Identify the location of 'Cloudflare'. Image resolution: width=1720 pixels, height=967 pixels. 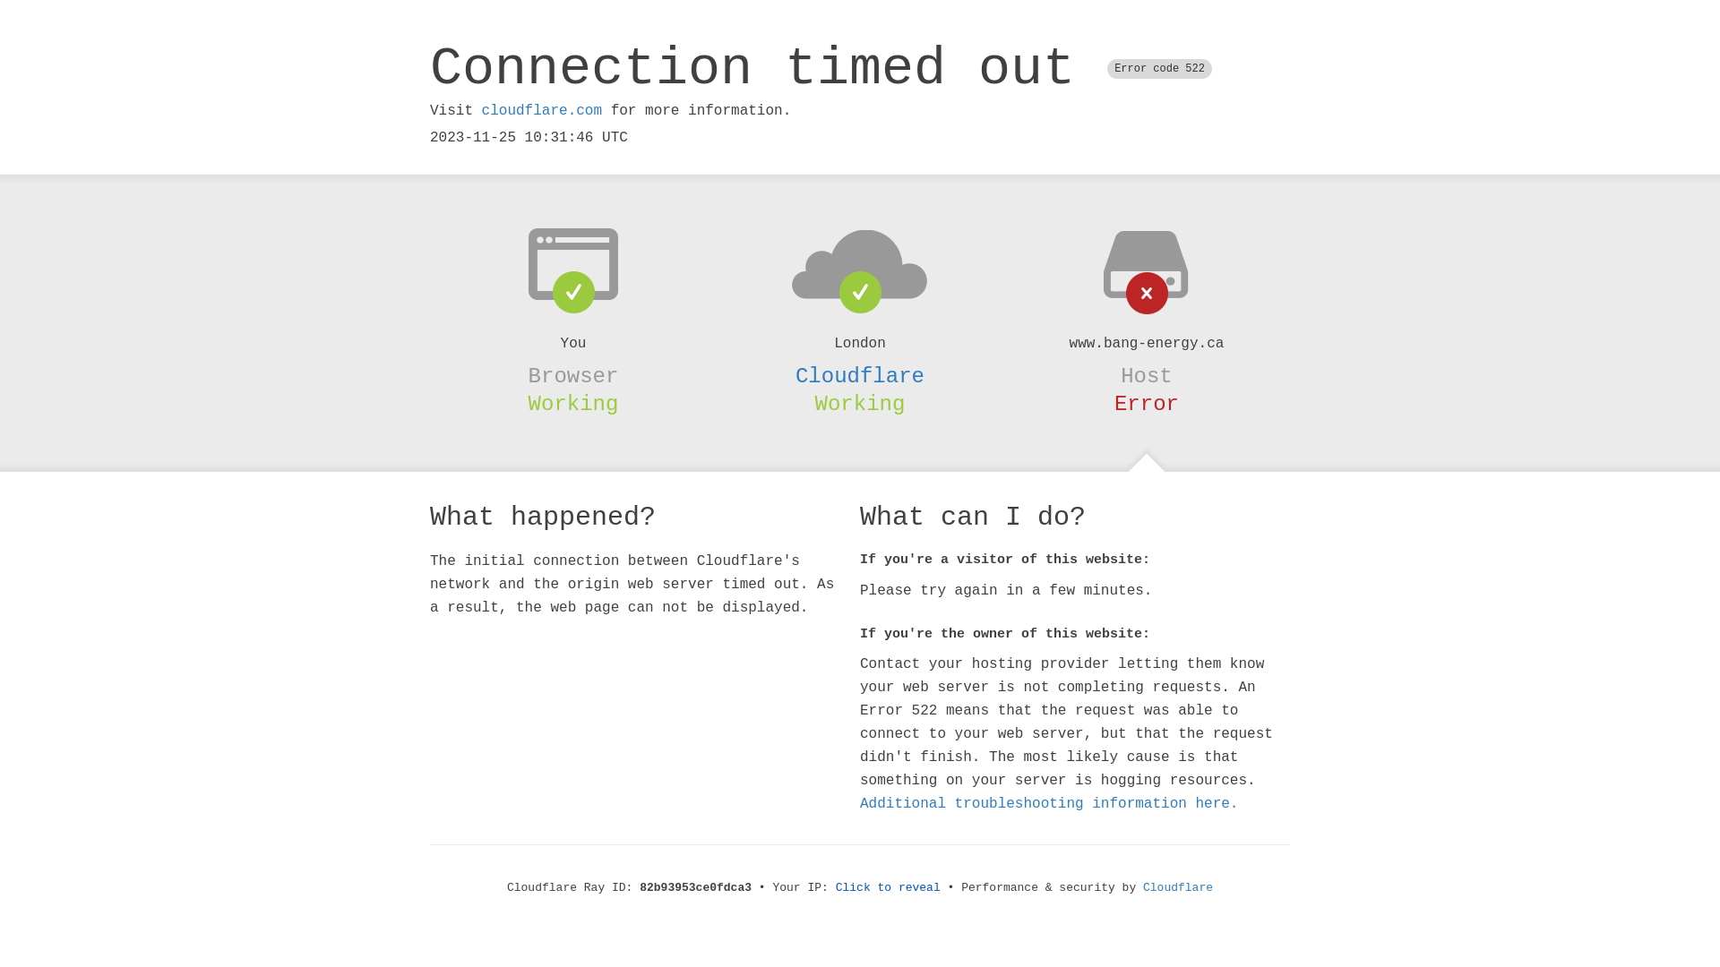
(860, 375).